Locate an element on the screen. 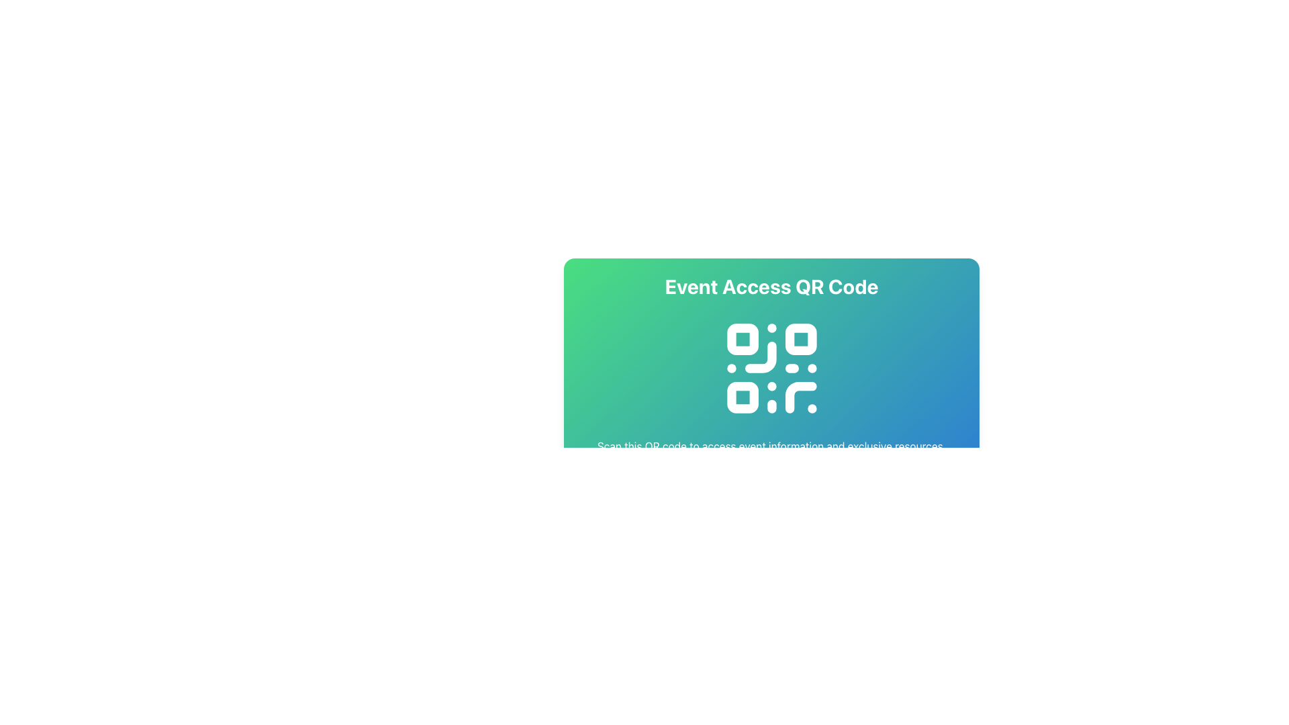 This screenshot has width=1289, height=725. the small square with rounded corners and teal fill located in the top-left corner inside the QR code structure is located at coordinates (742, 338).